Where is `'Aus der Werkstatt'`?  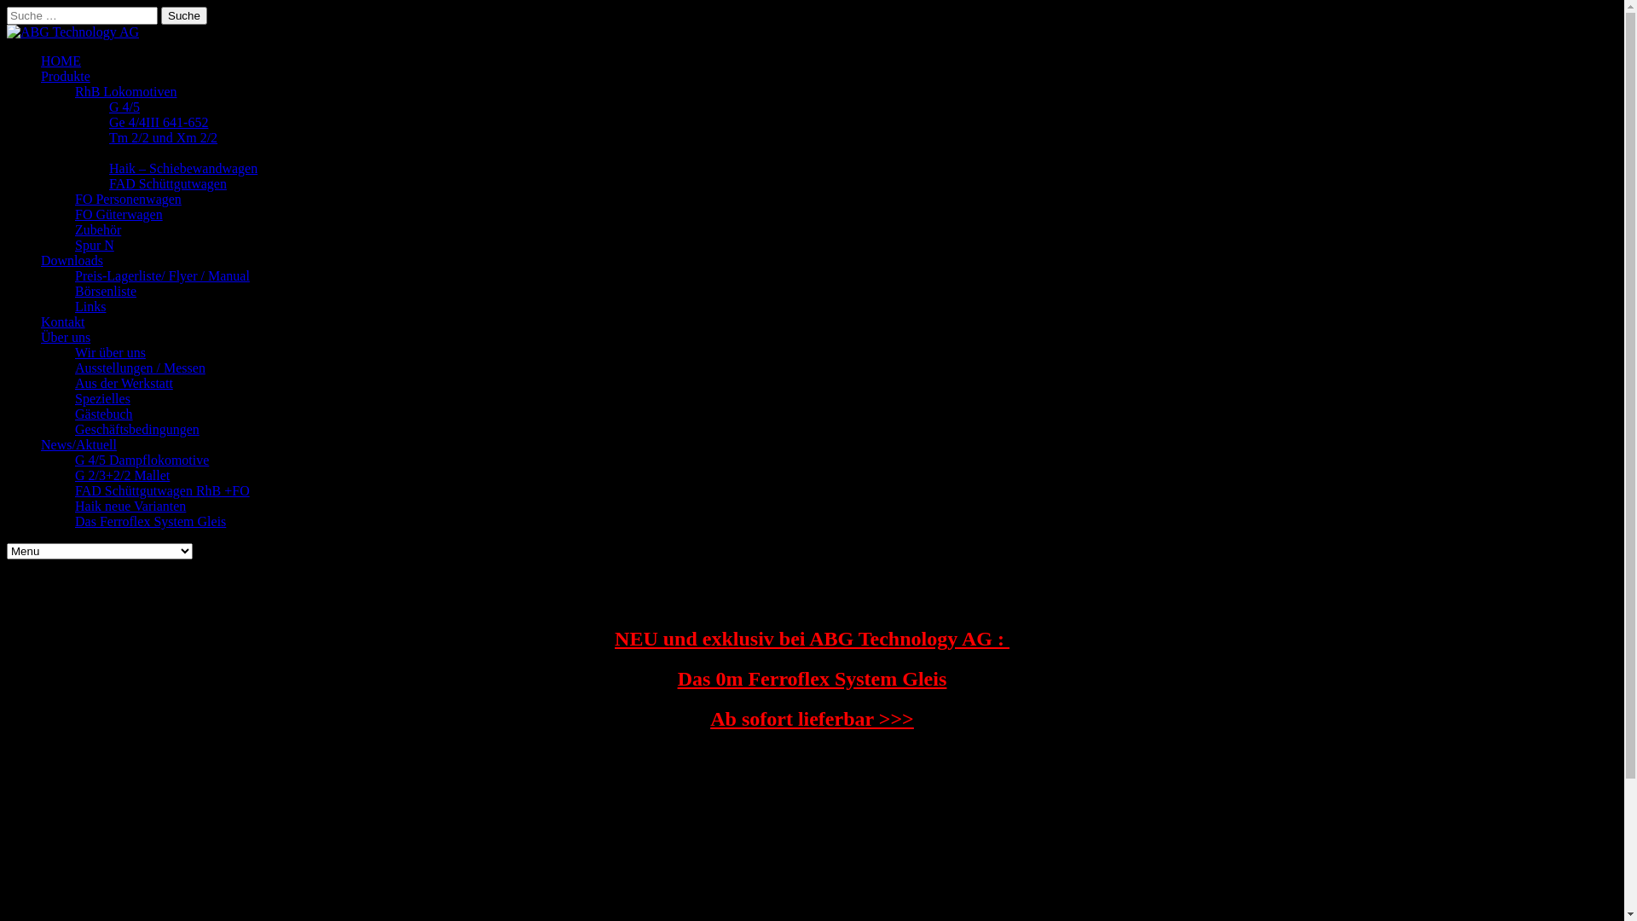
'Aus der Werkstatt' is located at coordinates (123, 382).